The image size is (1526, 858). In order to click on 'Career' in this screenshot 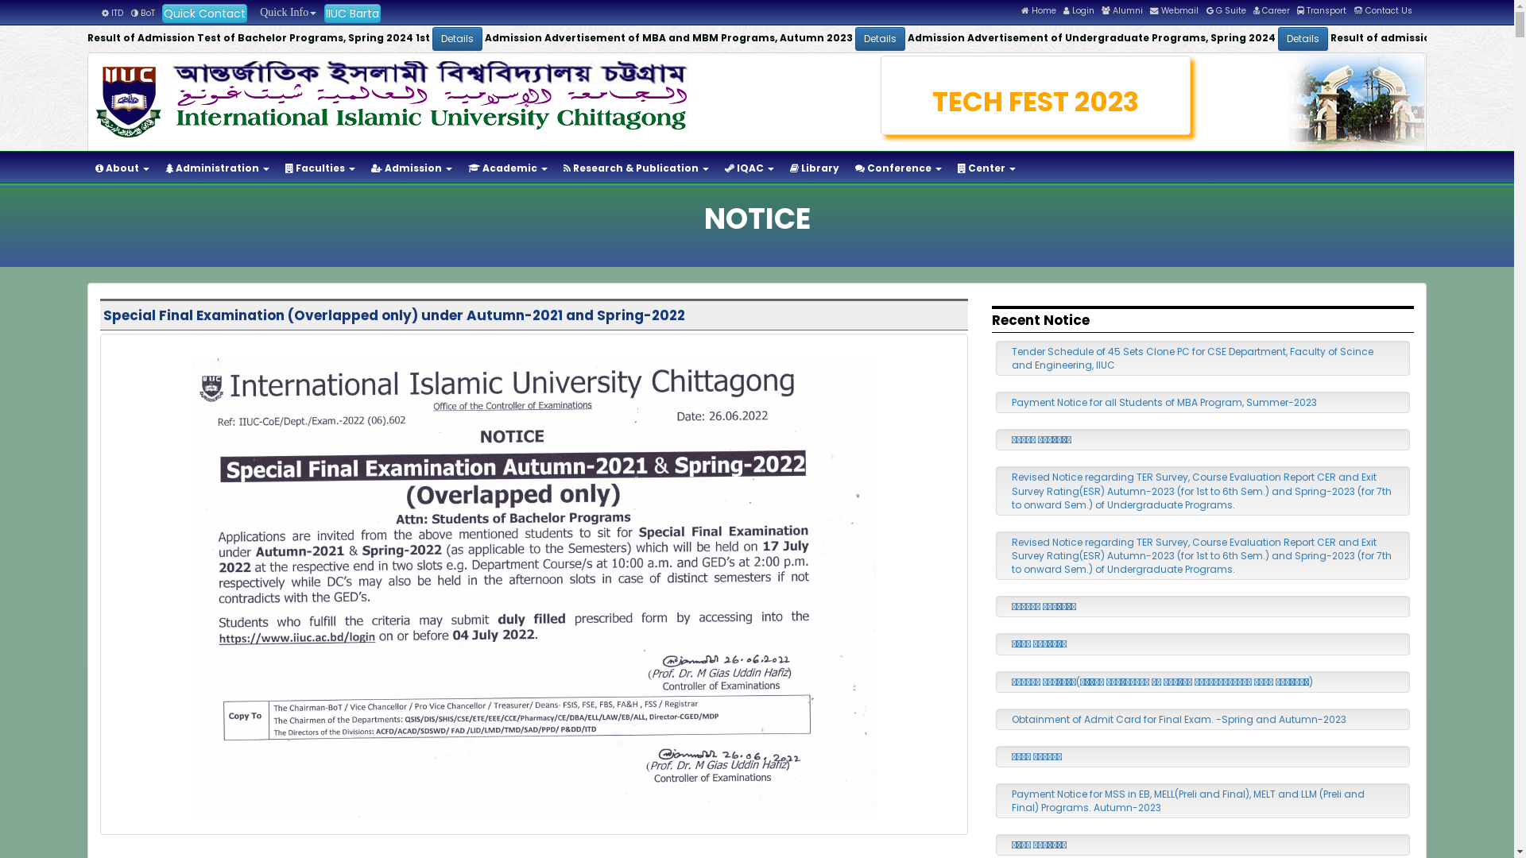, I will do `click(1270, 10)`.